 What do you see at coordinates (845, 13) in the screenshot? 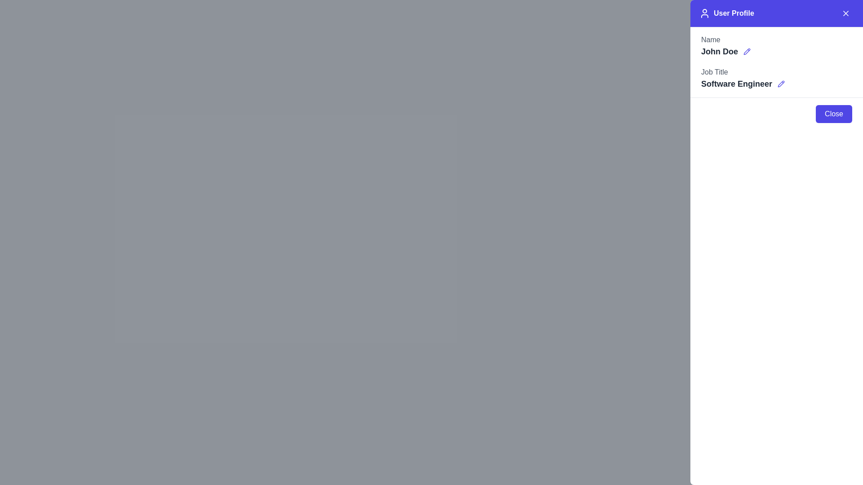
I see `the close button located at the top-right corner of the user profile panel to trigger any hover effects present` at bounding box center [845, 13].